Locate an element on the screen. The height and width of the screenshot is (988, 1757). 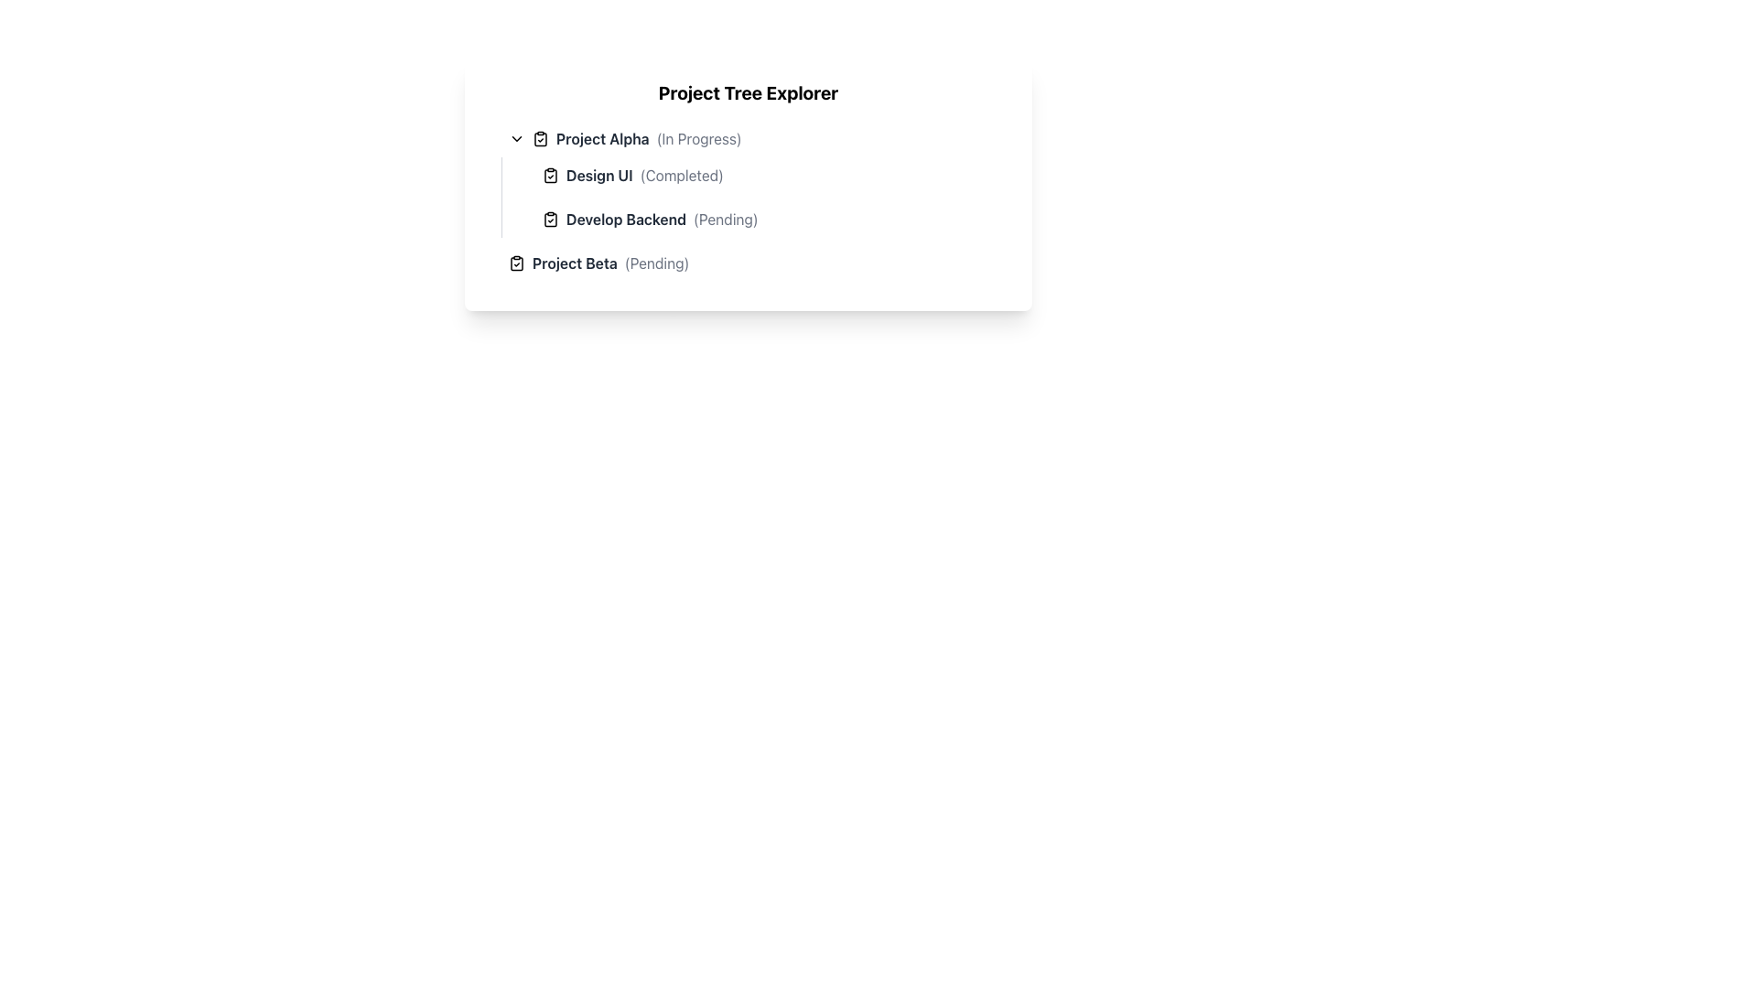
the clipboard icon next to the 'Design UI' text within the 'Project Alpha' item in the Project Tree Explorer panel is located at coordinates (549, 176).